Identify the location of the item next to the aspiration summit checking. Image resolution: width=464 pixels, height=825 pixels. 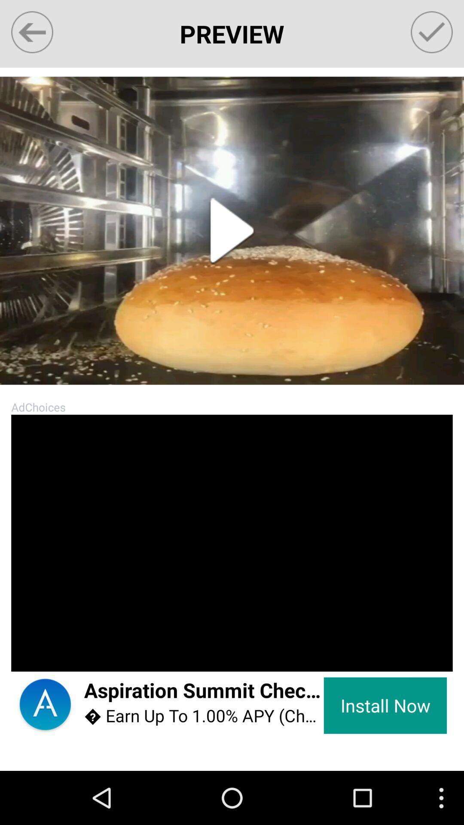
(385, 706).